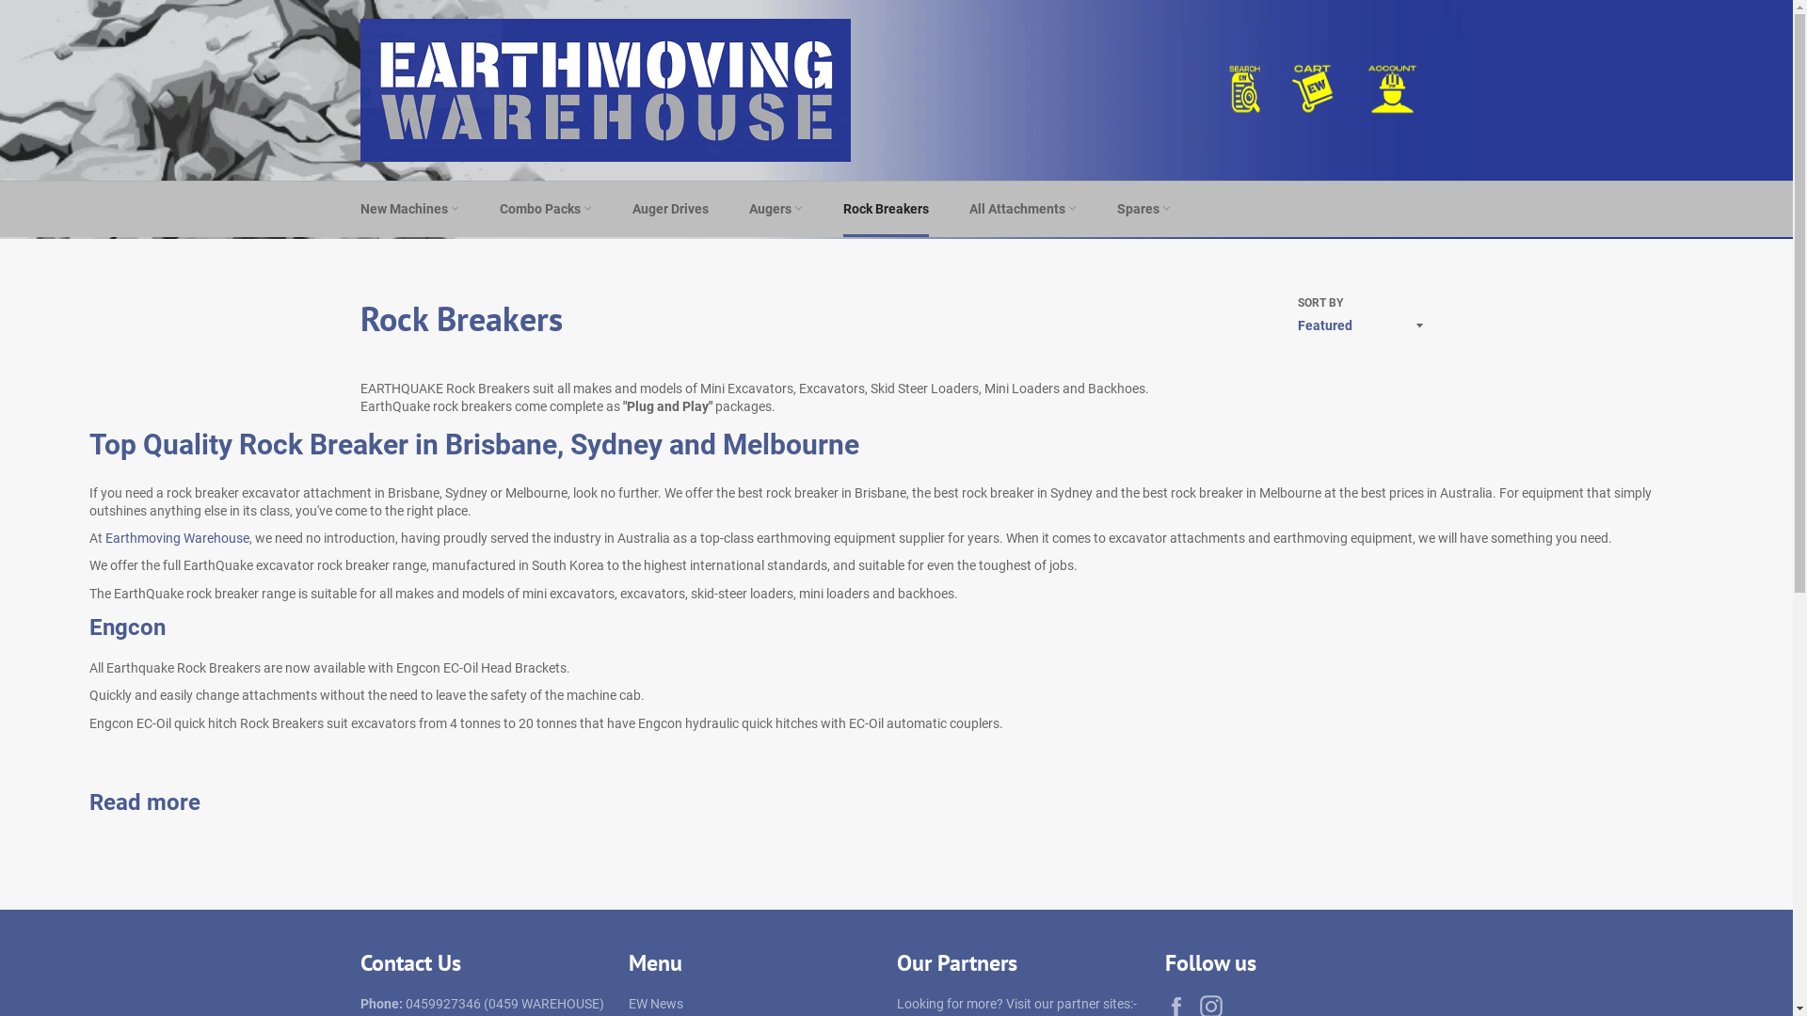 The height and width of the screenshot is (1016, 1807). I want to click on 'New Machines', so click(408, 209).